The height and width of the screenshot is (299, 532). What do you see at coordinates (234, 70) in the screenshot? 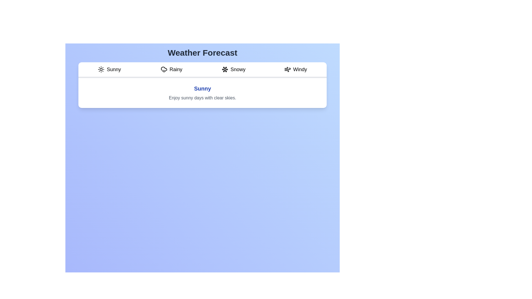
I see `the Snowy tab to view its weather condition` at bounding box center [234, 70].